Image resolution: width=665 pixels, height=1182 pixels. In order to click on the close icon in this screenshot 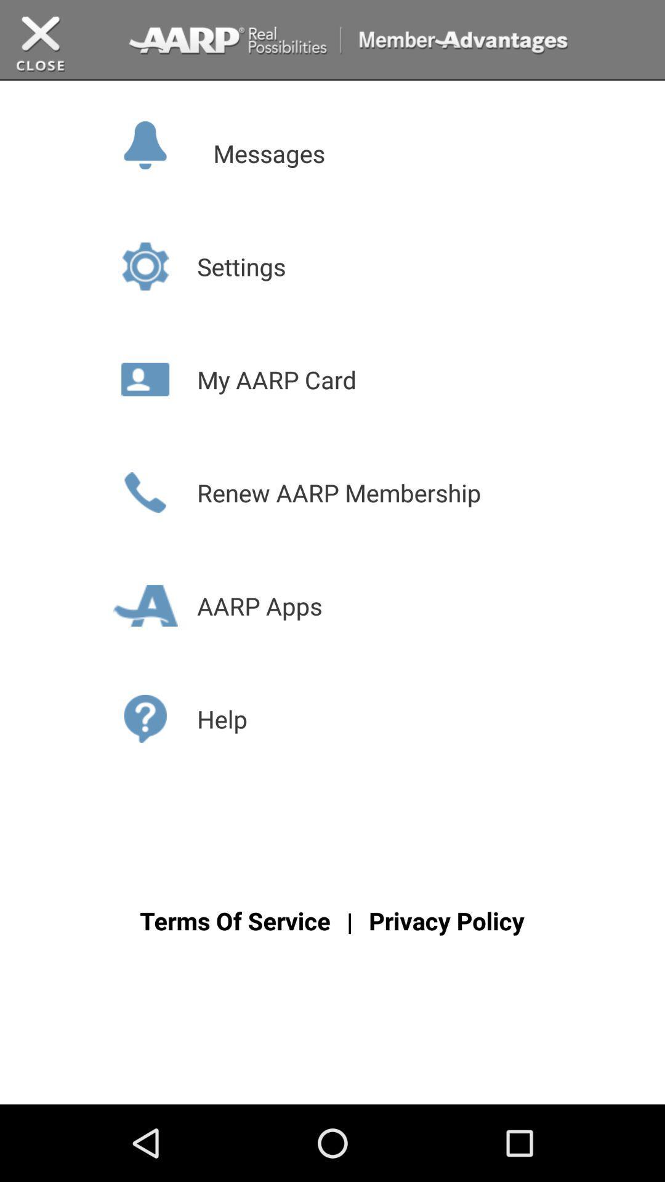, I will do `click(39, 47)`.